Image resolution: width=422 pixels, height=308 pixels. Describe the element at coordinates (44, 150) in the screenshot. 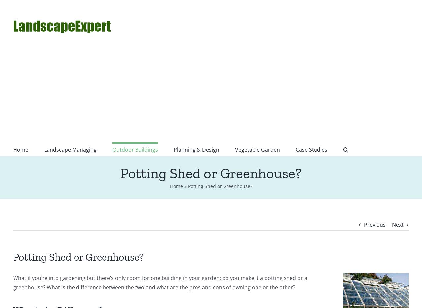

I see `'Landscape Managing'` at that location.